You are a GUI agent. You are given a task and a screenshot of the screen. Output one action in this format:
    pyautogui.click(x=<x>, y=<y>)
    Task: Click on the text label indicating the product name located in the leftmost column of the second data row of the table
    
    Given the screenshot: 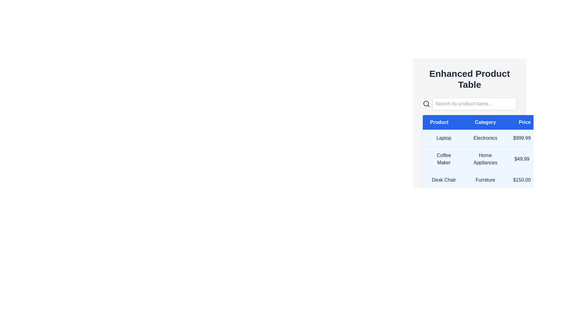 What is the action you would take?
    pyautogui.click(x=444, y=159)
    